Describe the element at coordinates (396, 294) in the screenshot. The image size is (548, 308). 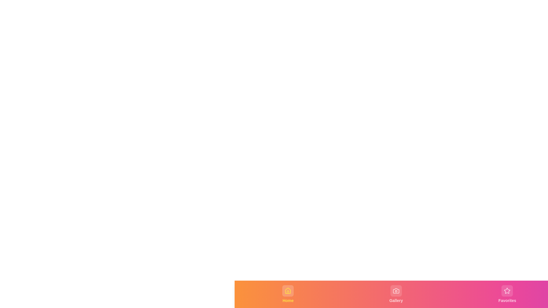
I see `the navigation tab labeled Gallery` at that location.